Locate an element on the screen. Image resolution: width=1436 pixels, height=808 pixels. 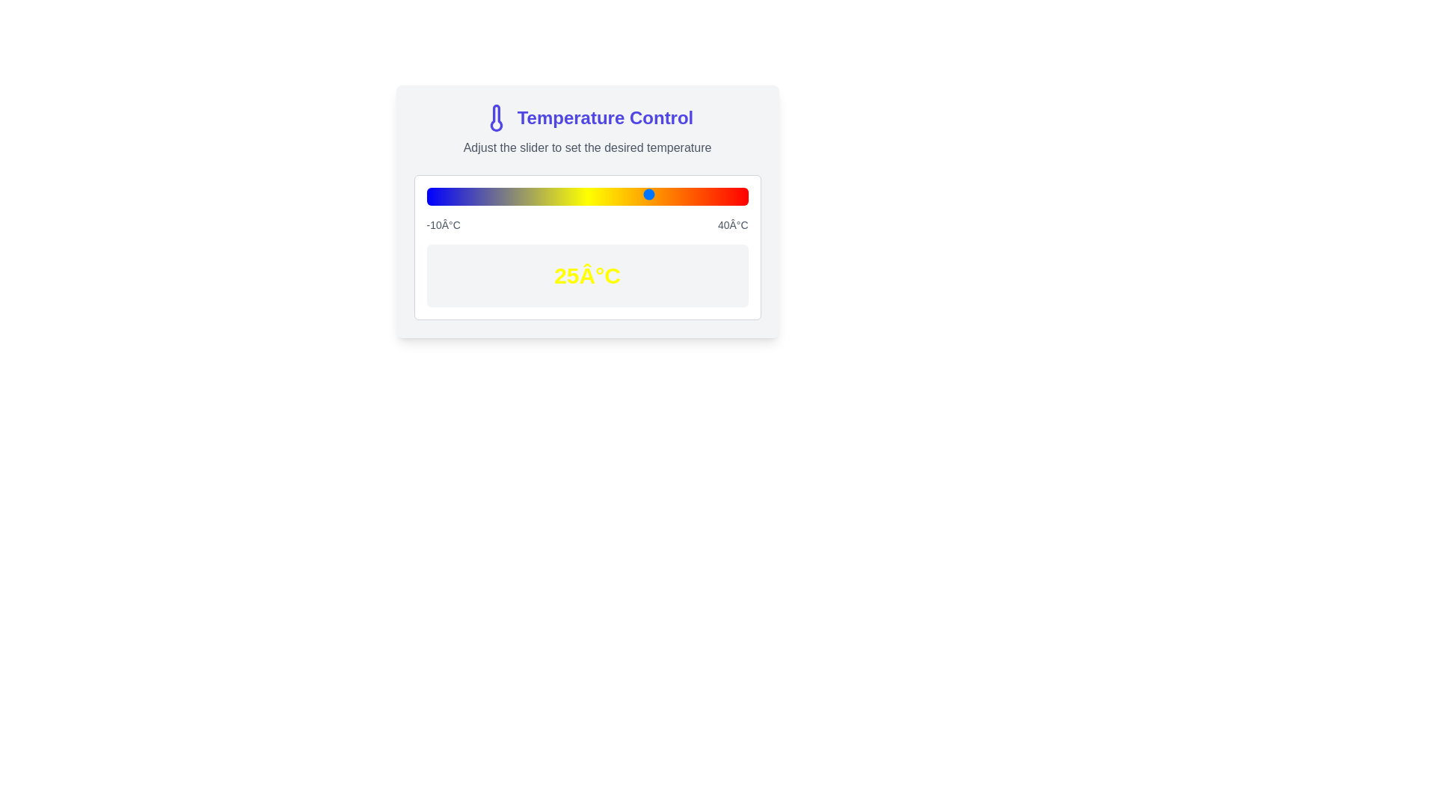
the temperature slider to set the temperature to 26°C is located at coordinates (658, 193).